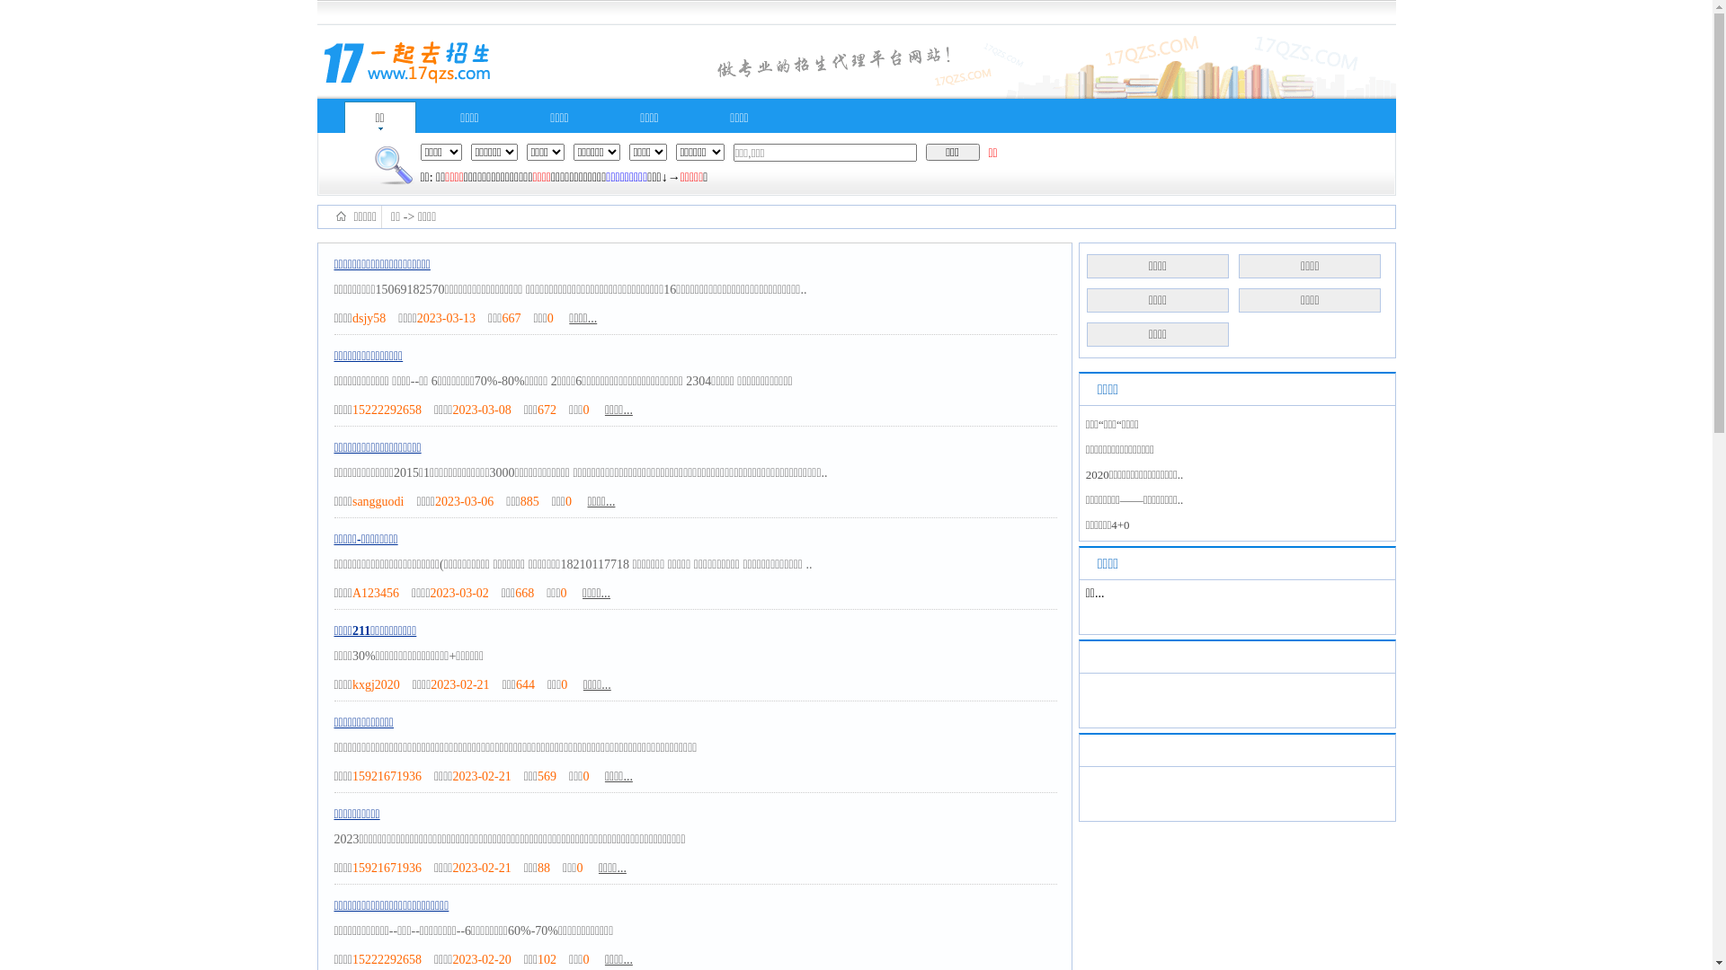 This screenshot has width=1726, height=970. What do you see at coordinates (515, 684) in the screenshot?
I see `'644'` at bounding box center [515, 684].